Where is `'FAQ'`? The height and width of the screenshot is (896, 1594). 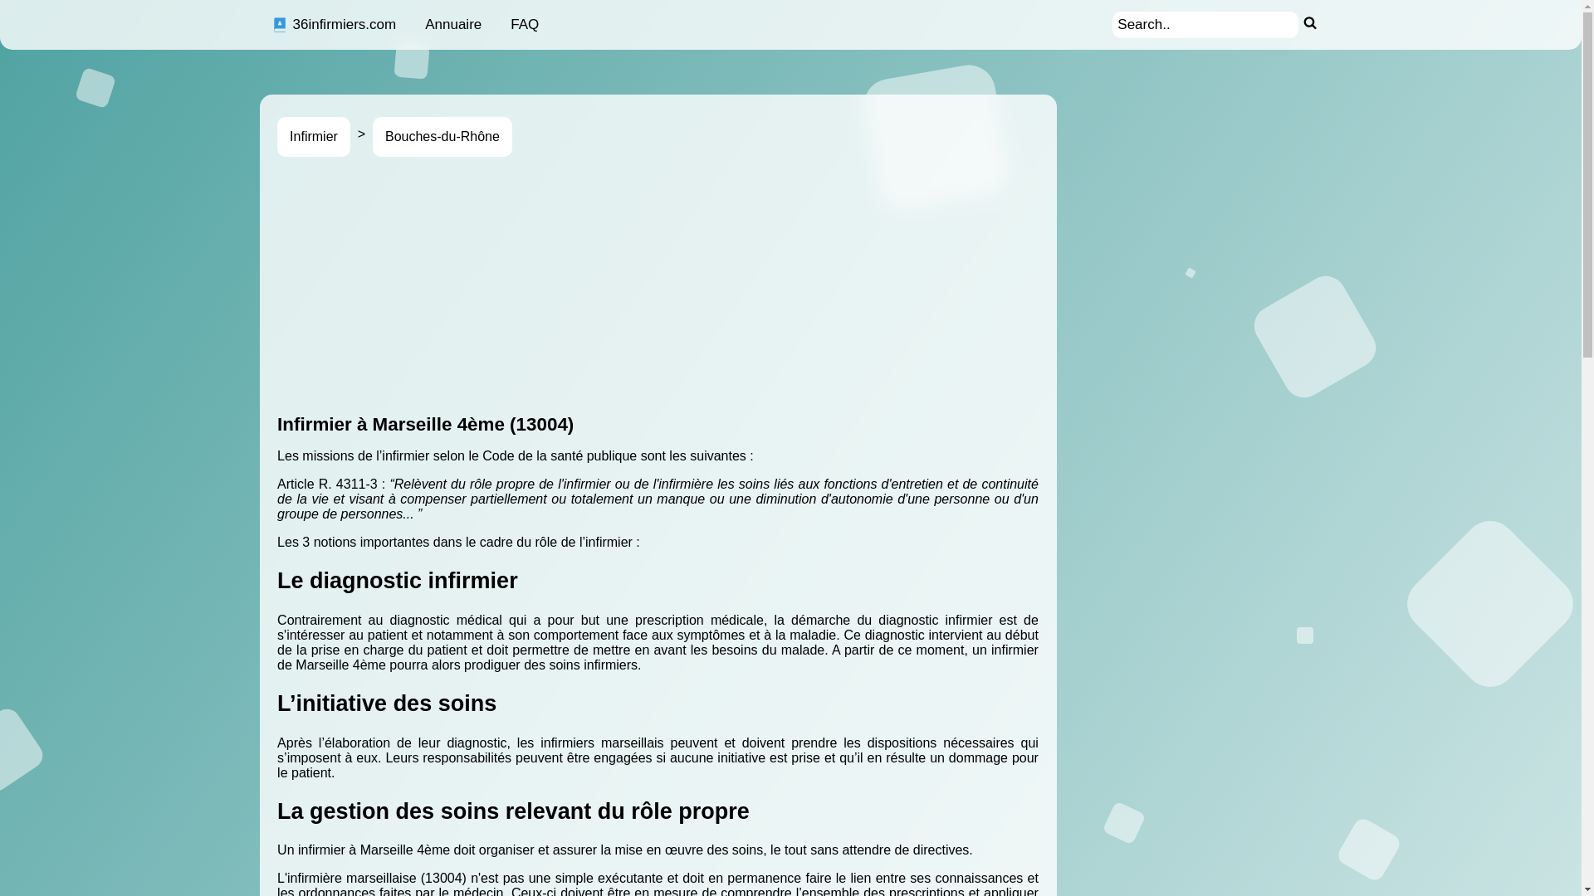
'FAQ' is located at coordinates (524, 25).